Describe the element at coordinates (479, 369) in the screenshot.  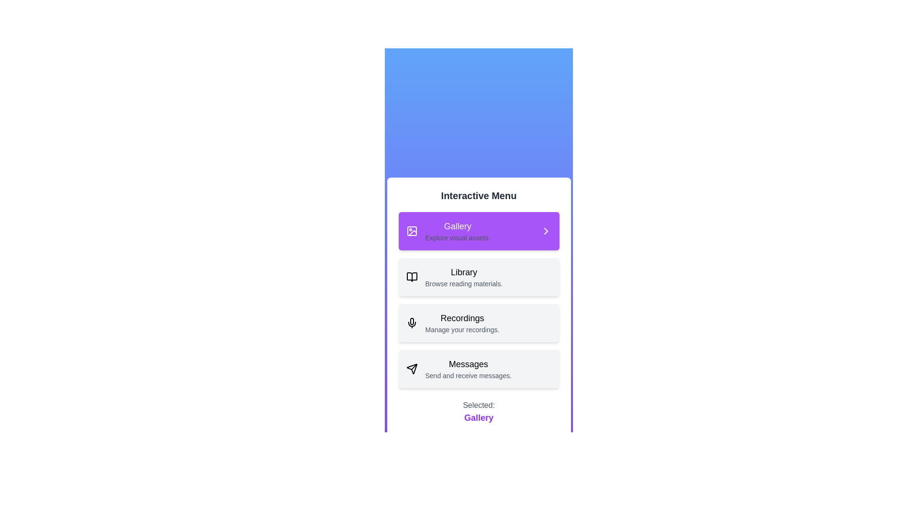
I see `the menu item Messages` at that location.